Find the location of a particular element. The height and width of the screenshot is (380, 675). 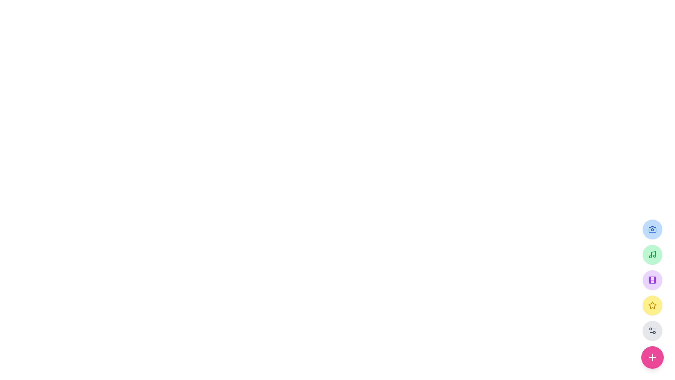

the circular button with a vibrant pink background and a white plus icon located at the bottom-right corner of the interface is located at coordinates (652, 357).